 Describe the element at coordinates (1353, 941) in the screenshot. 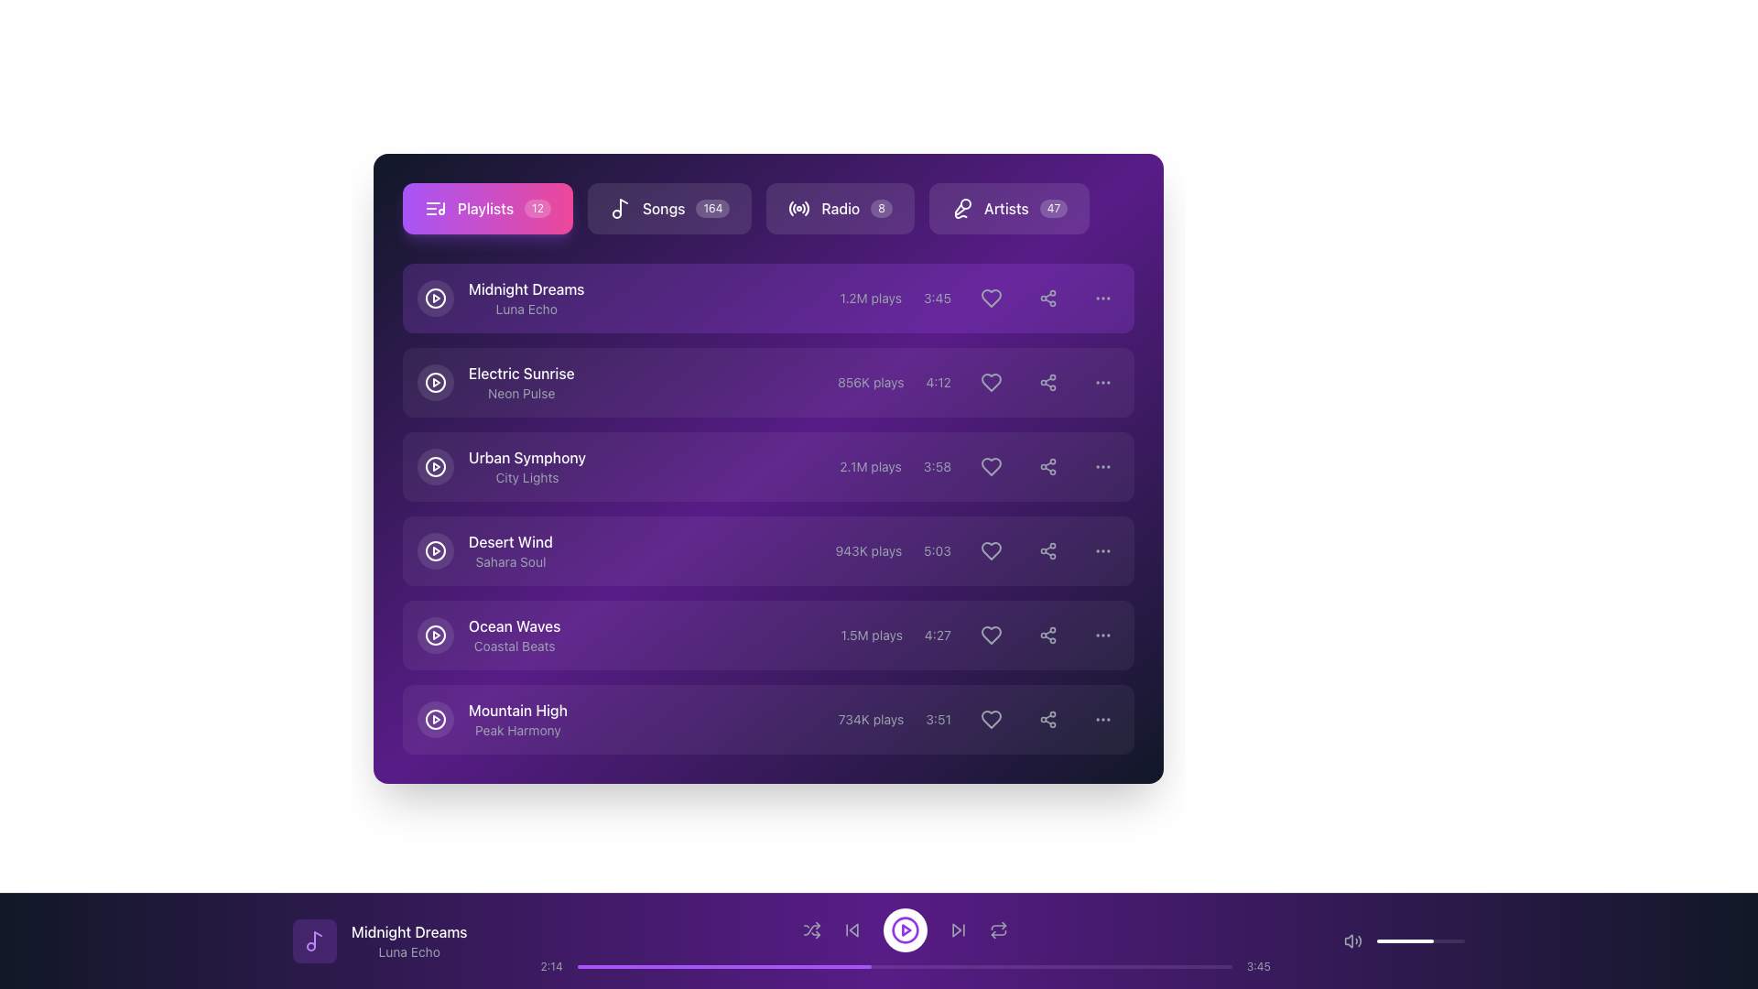

I see `the volume control icon located at the left of the progress bar in the bottom playback interface` at that location.